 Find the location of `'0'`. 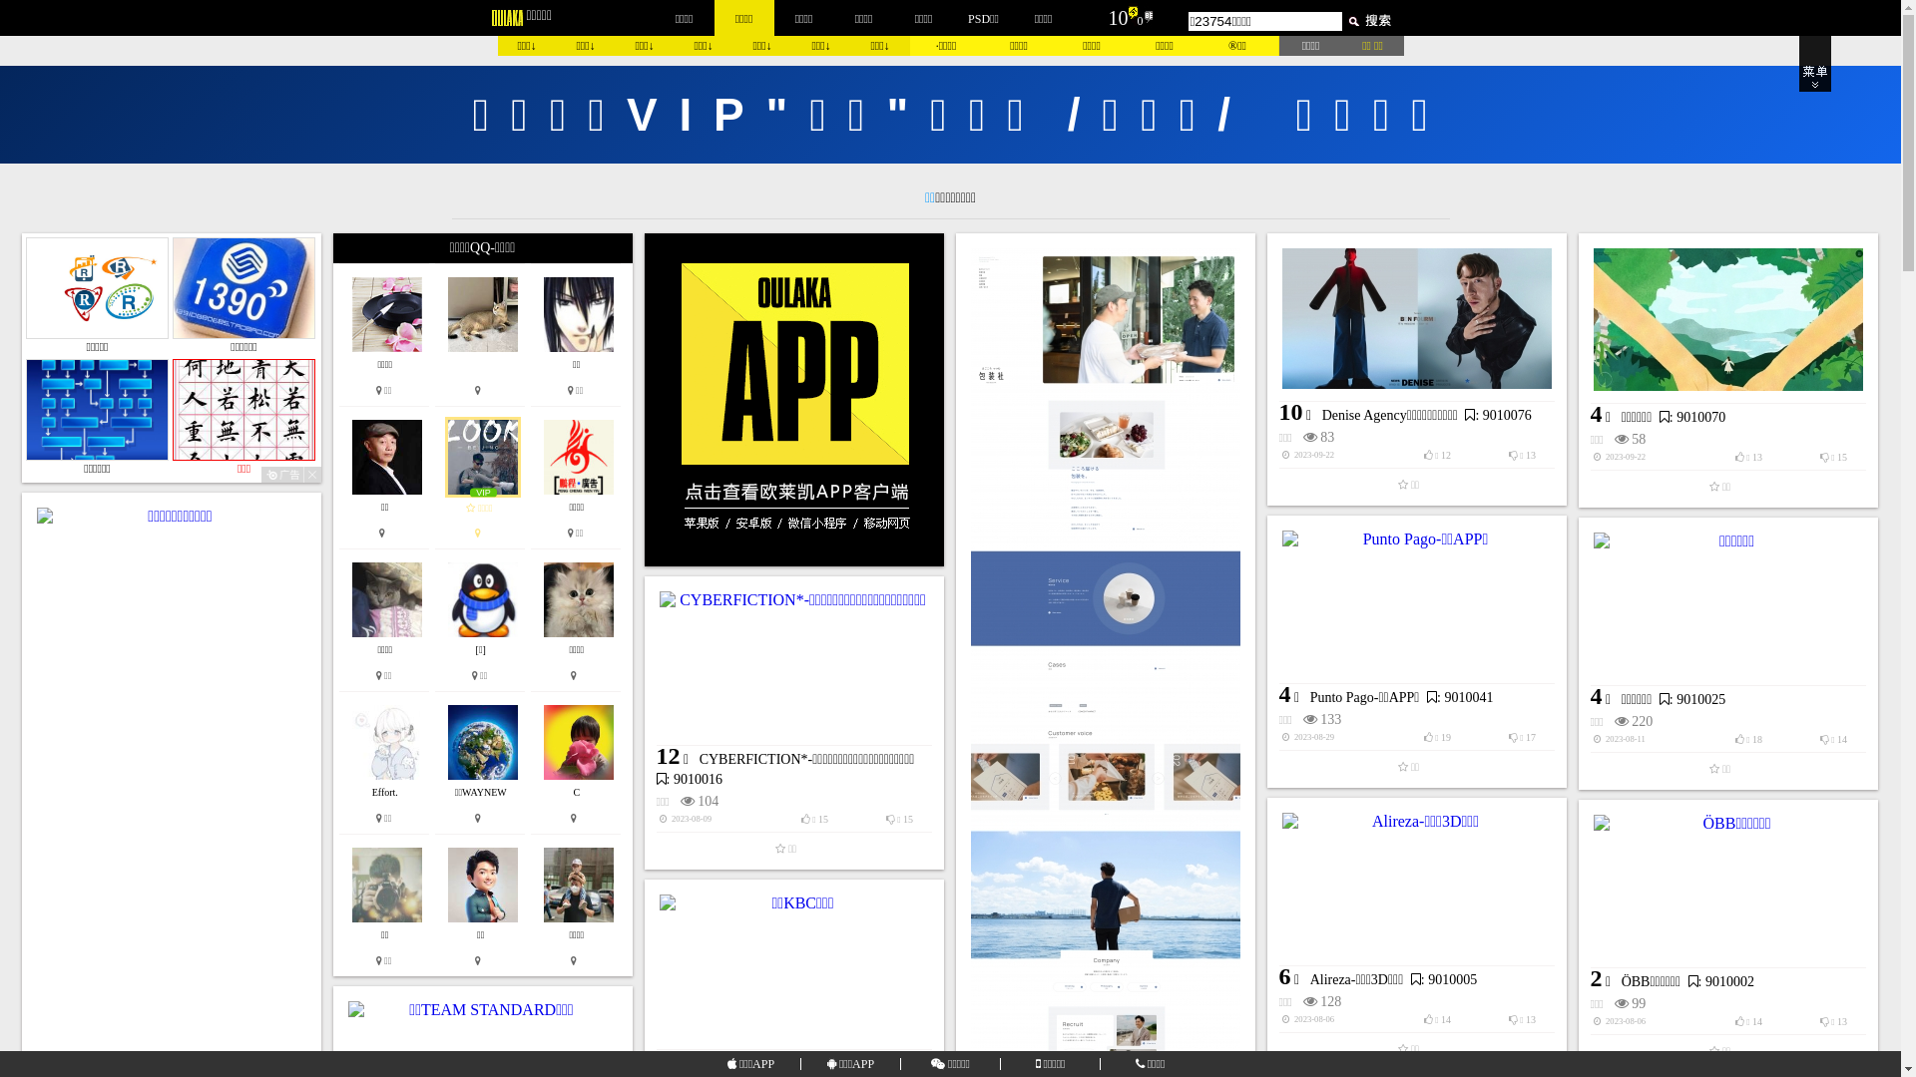

'0' is located at coordinates (1140, 20).